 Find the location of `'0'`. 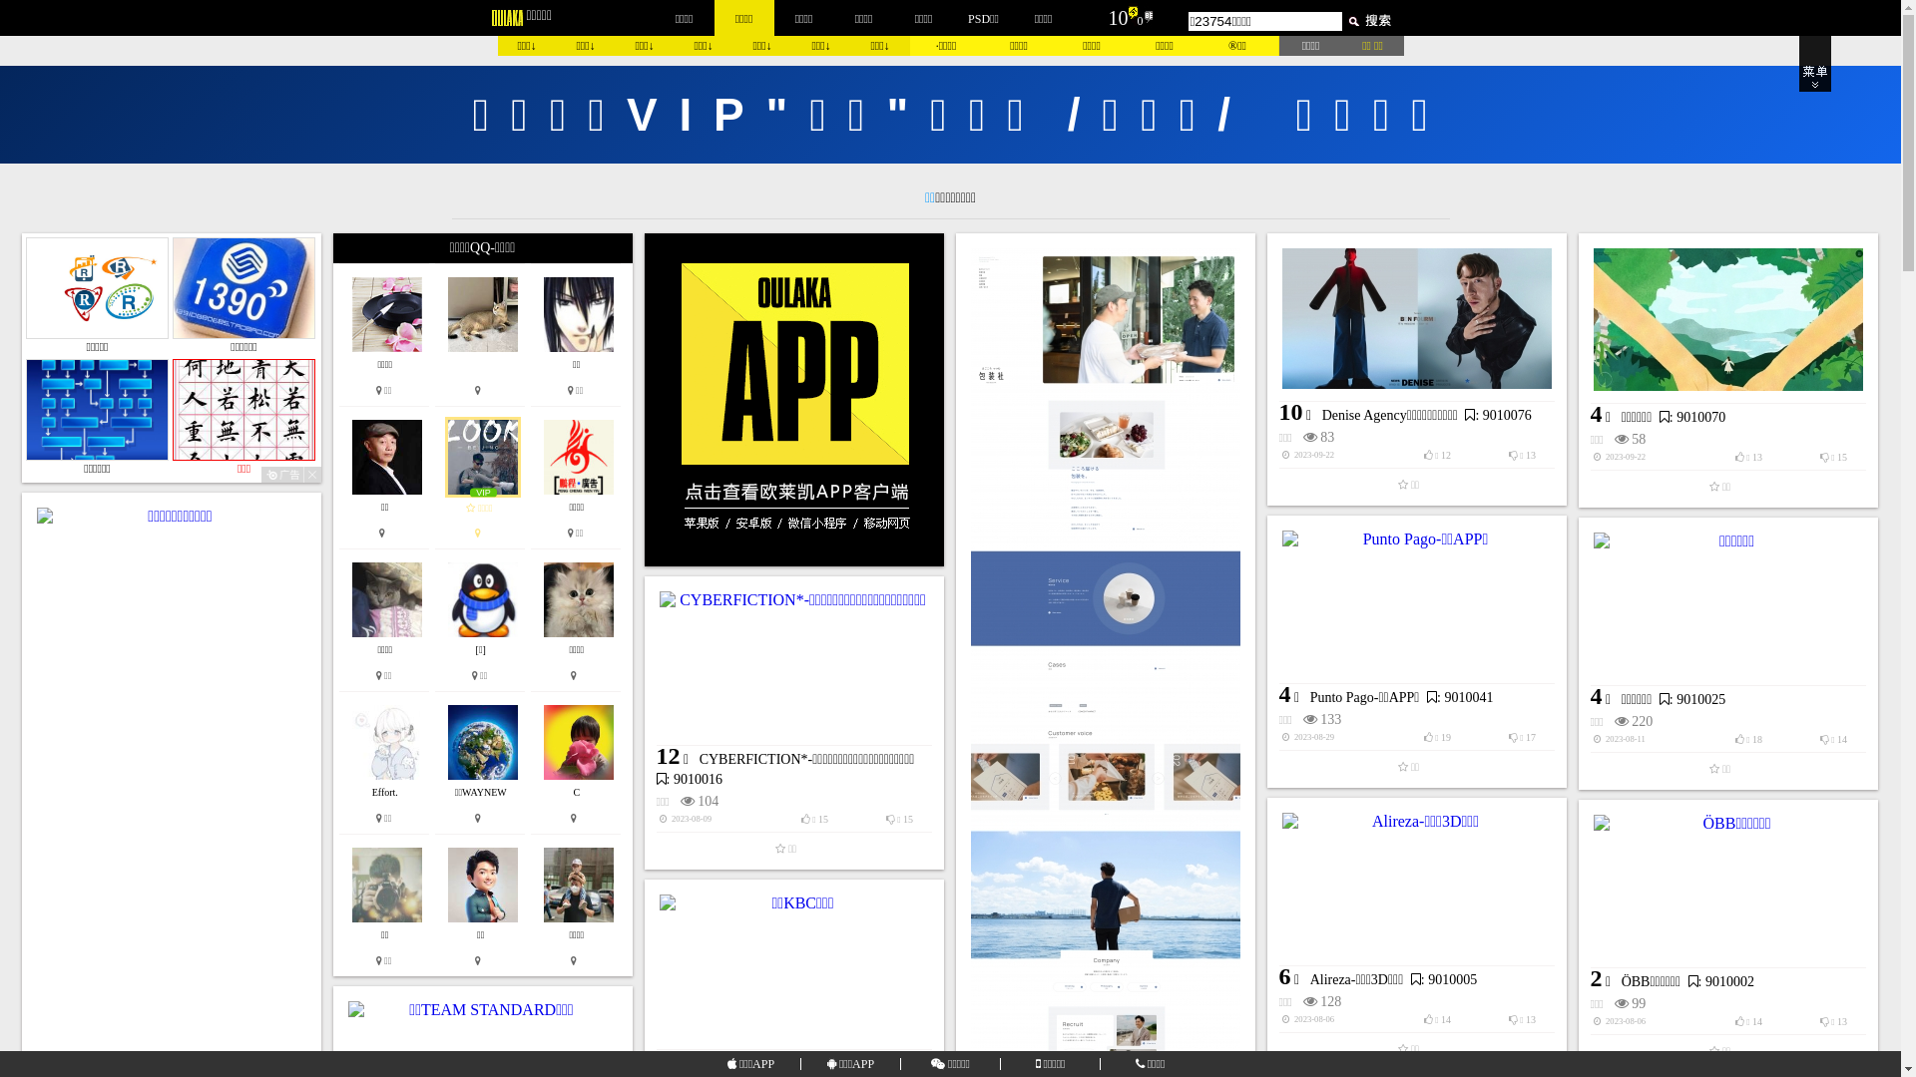

'0' is located at coordinates (1140, 20).